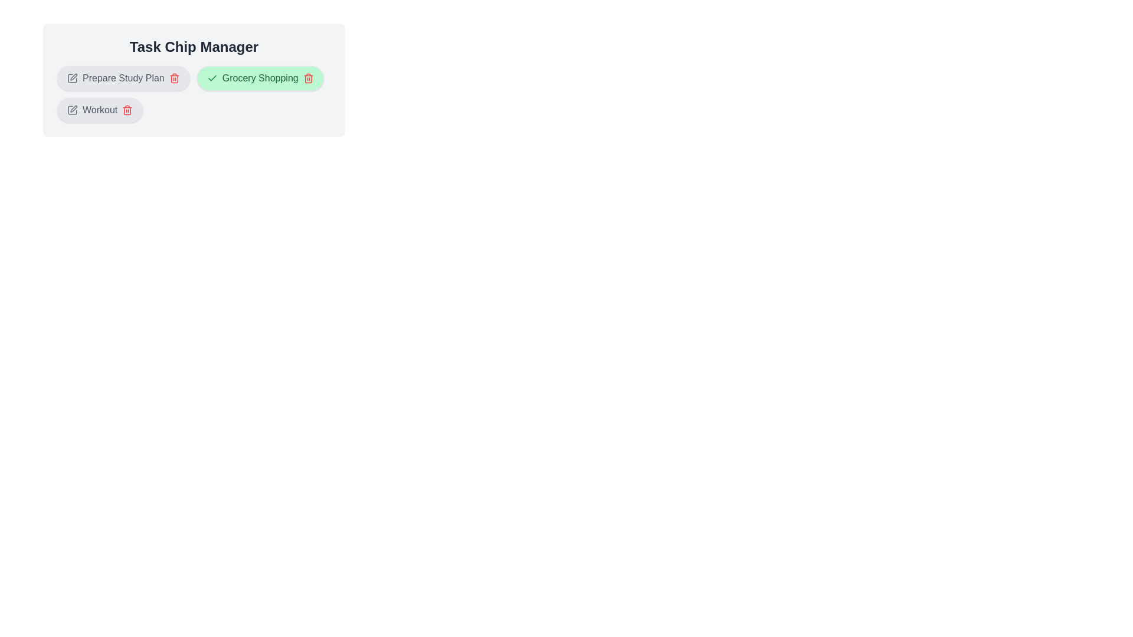 This screenshot has height=637, width=1133. What do you see at coordinates (100, 110) in the screenshot?
I see `the edit icon (pencil) on the 'Workout' task chip to modify the task` at bounding box center [100, 110].